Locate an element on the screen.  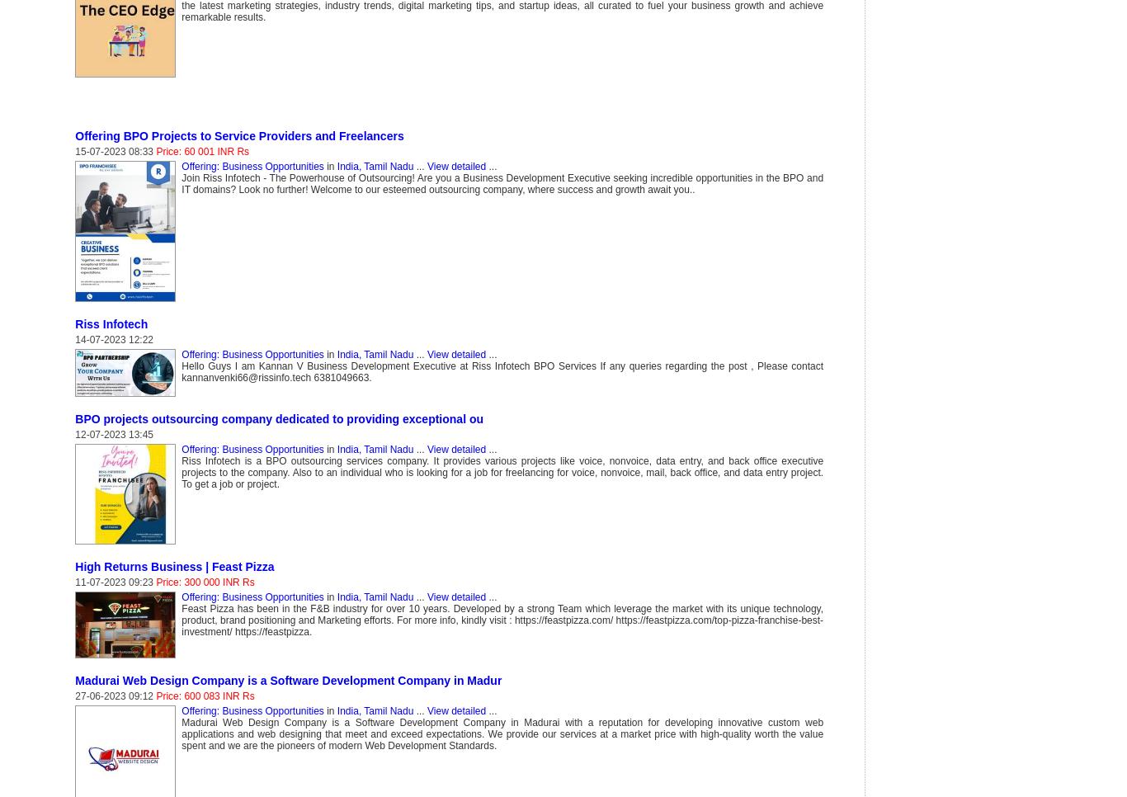
'11-07-2023 09:23' is located at coordinates (115, 580).